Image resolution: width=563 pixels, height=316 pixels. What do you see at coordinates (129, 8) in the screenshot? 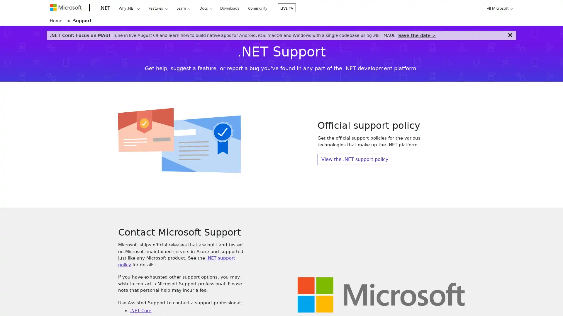
I see `Why .NET` at bounding box center [129, 8].